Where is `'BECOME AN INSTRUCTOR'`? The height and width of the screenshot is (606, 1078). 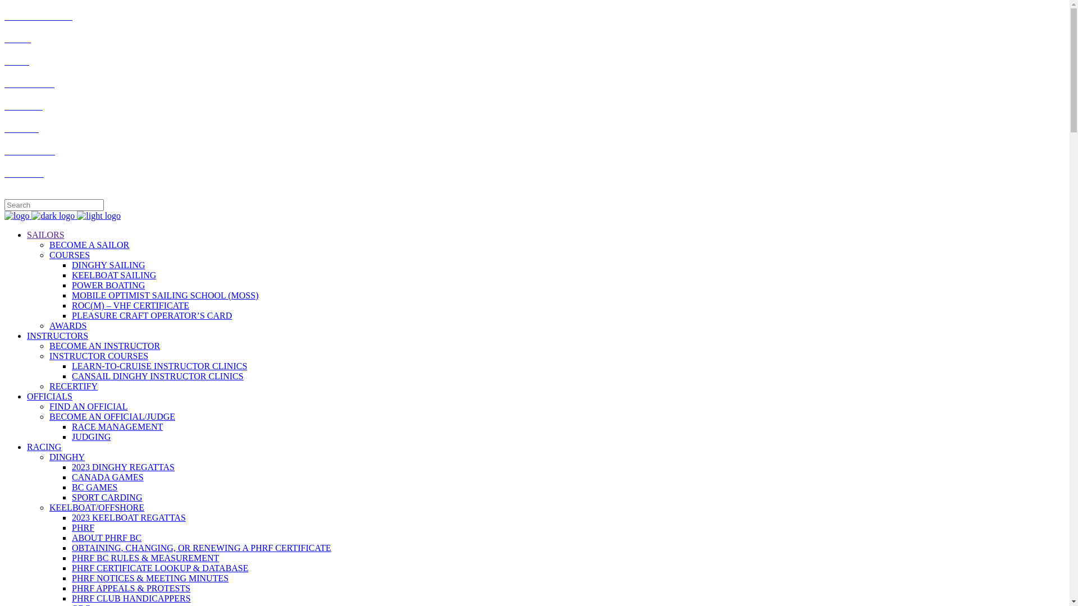 'BECOME AN INSTRUCTOR' is located at coordinates (104, 345).